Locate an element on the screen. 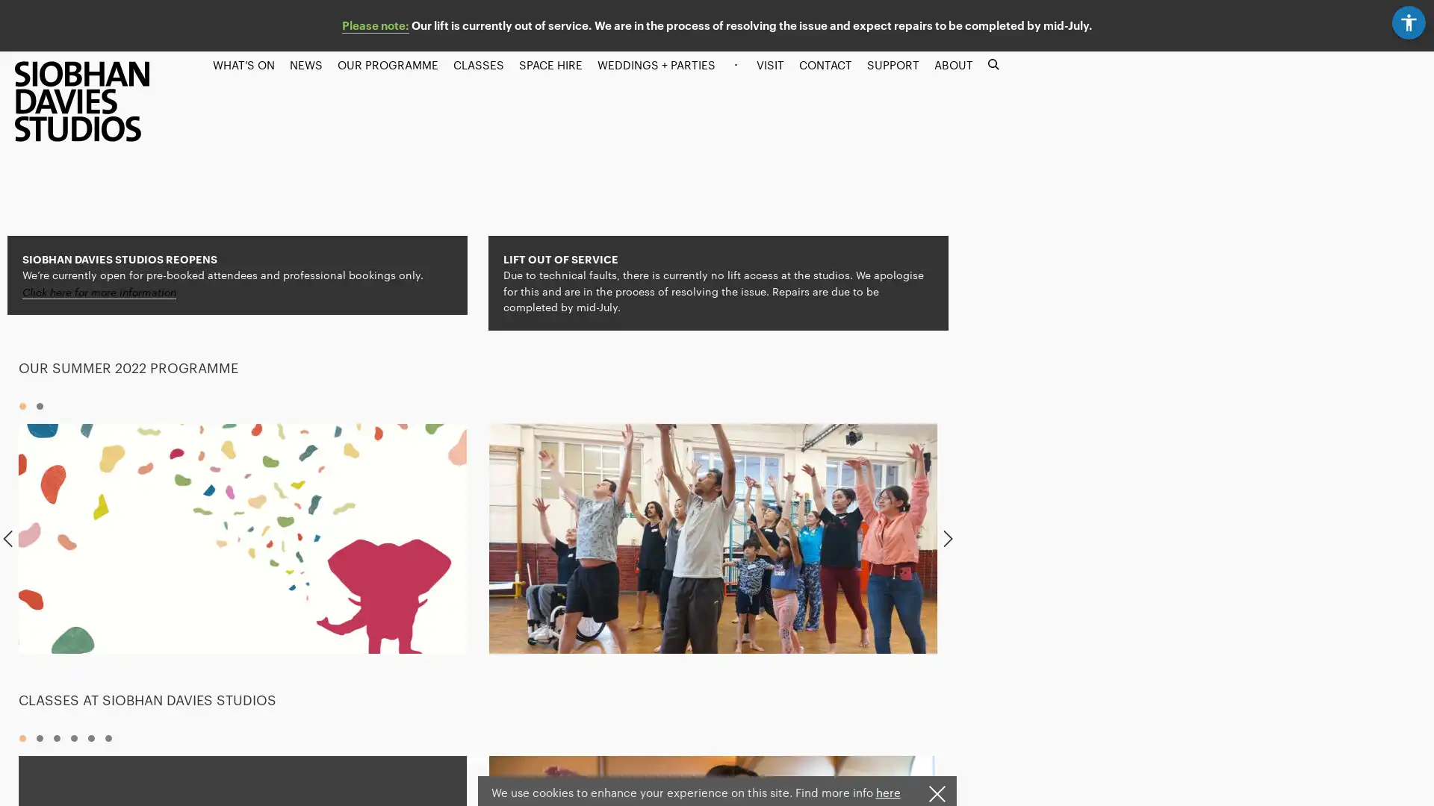  Next is located at coordinates (945, 593).